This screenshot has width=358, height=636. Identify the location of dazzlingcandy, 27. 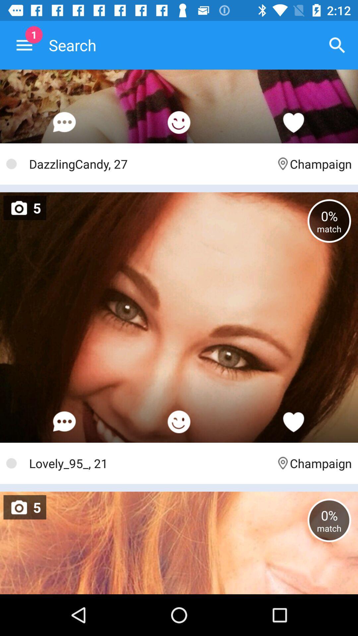
(149, 164).